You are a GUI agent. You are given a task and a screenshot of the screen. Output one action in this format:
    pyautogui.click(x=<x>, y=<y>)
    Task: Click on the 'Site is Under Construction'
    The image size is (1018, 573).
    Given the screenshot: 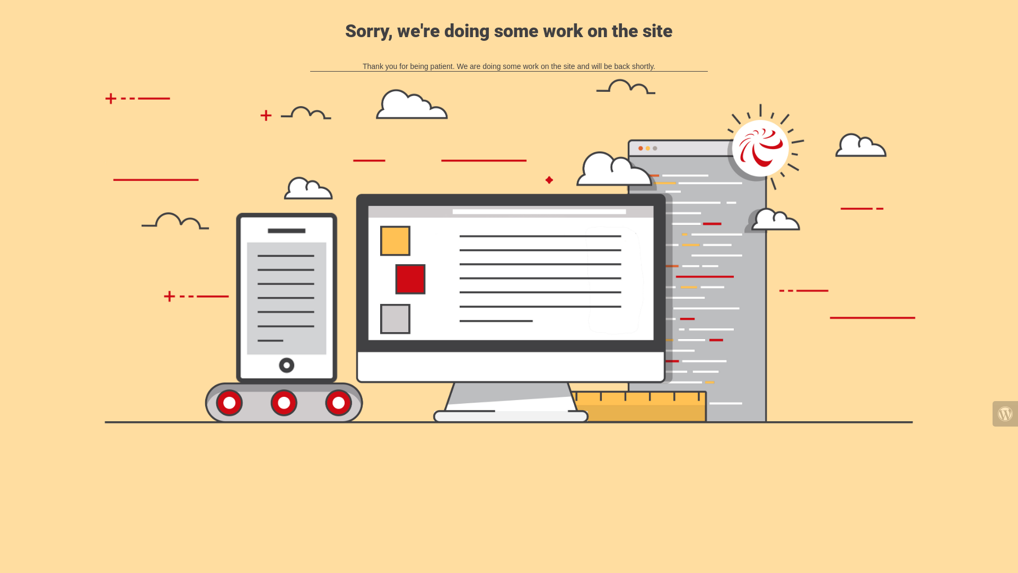 What is the action you would take?
    pyautogui.click(x=509, y=251)
    